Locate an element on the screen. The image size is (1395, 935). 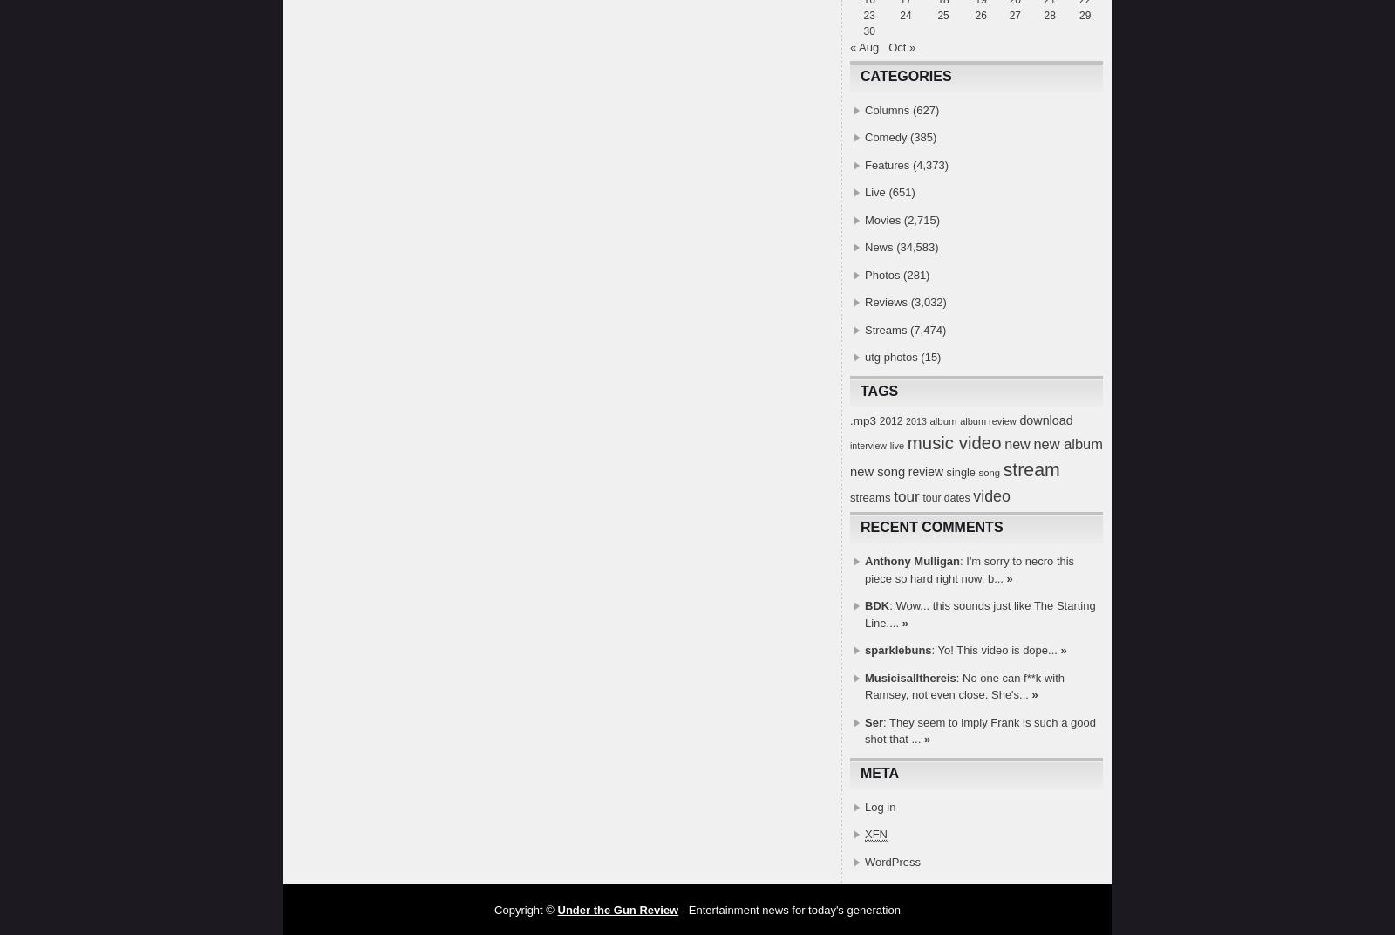
'24' is located at coordinates (905, 15).